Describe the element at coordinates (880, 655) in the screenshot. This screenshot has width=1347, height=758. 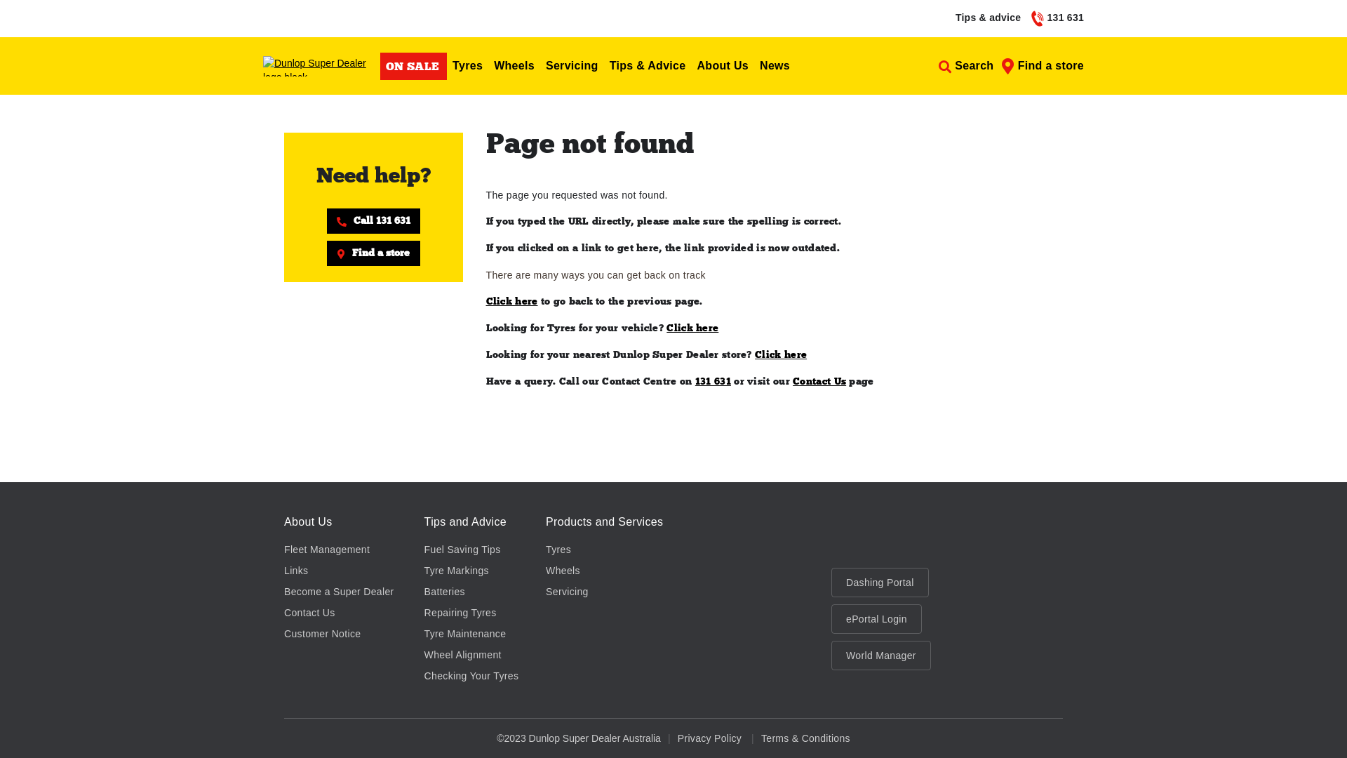
I see `'World Manager'` at that location.